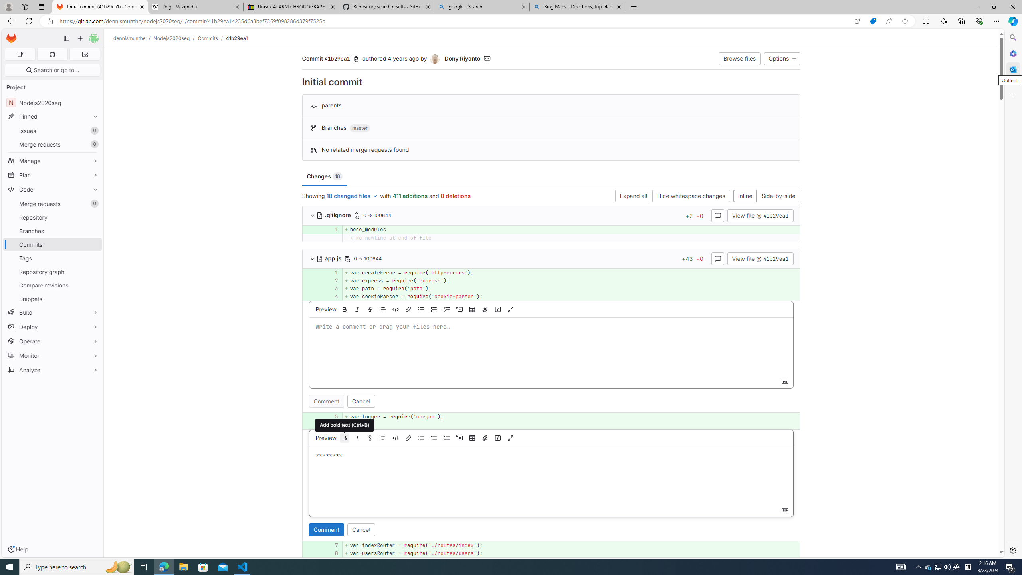 Image resolution: width=1022 pixels, height=575 pixels. I want to click on 'Pin Snippets', so click(93, 298).